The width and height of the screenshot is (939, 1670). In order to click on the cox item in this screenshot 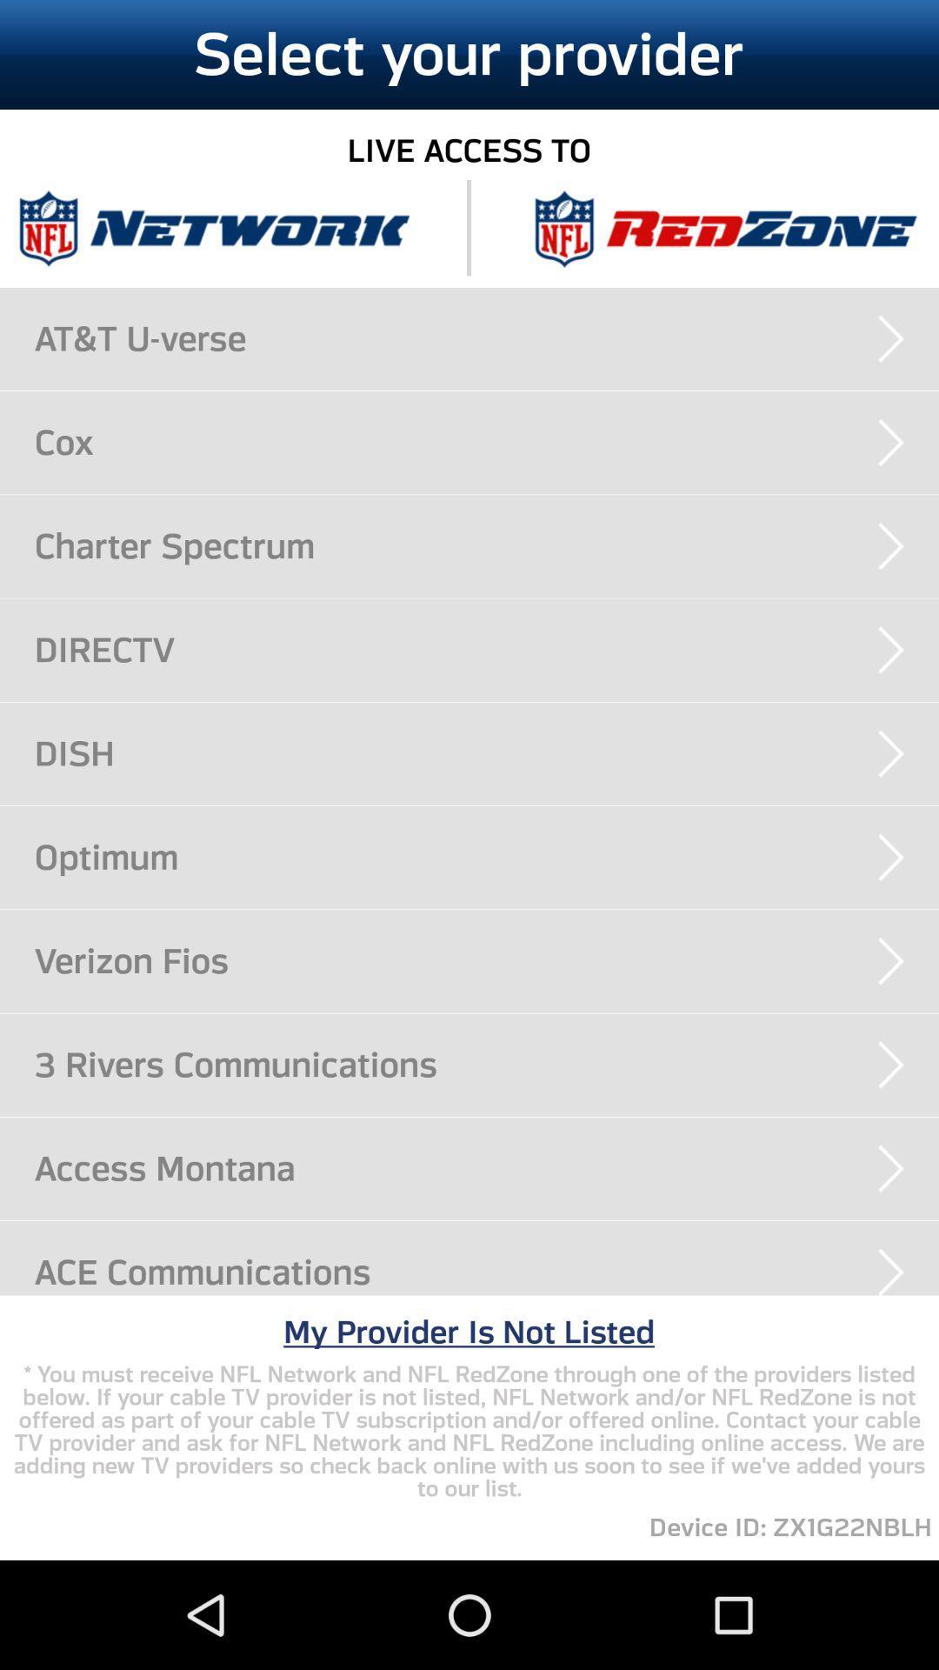, I will do `click(486, 442)`.